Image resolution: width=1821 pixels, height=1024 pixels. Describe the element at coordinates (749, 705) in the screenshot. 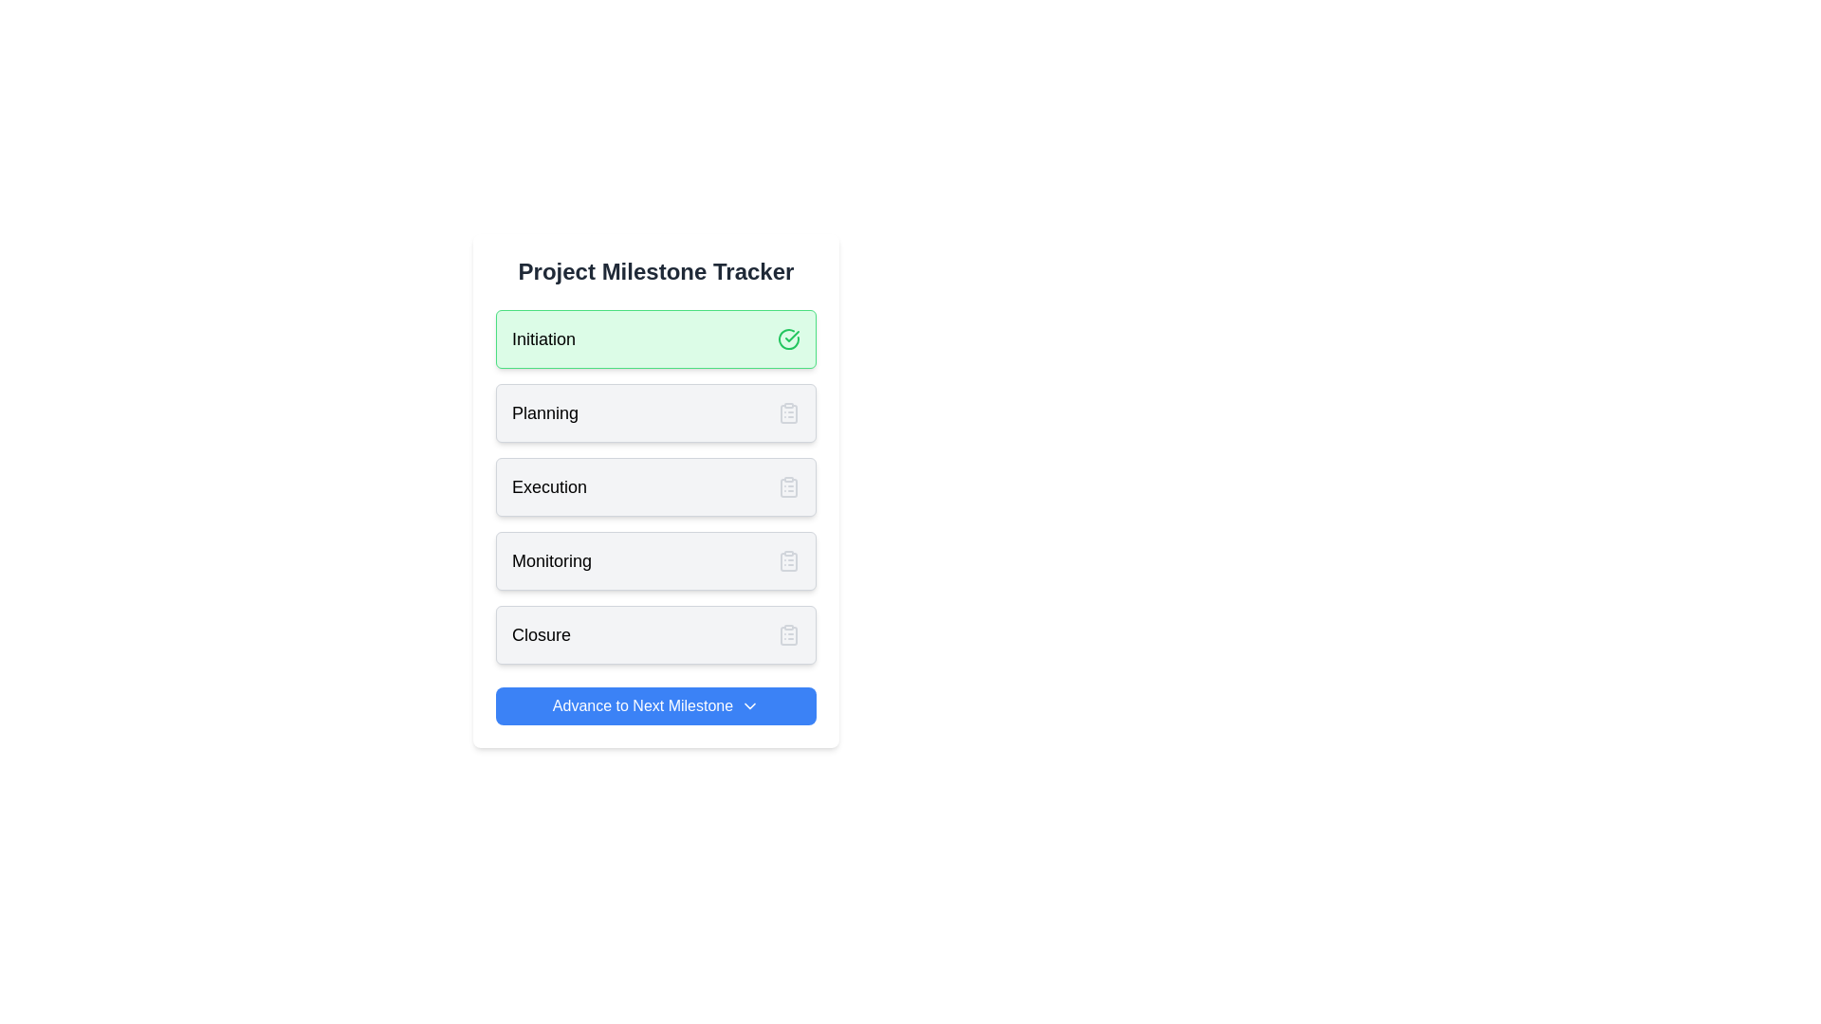

I see `the icon located at the right end of the 'Advance to Next Milestone' button` at that location.